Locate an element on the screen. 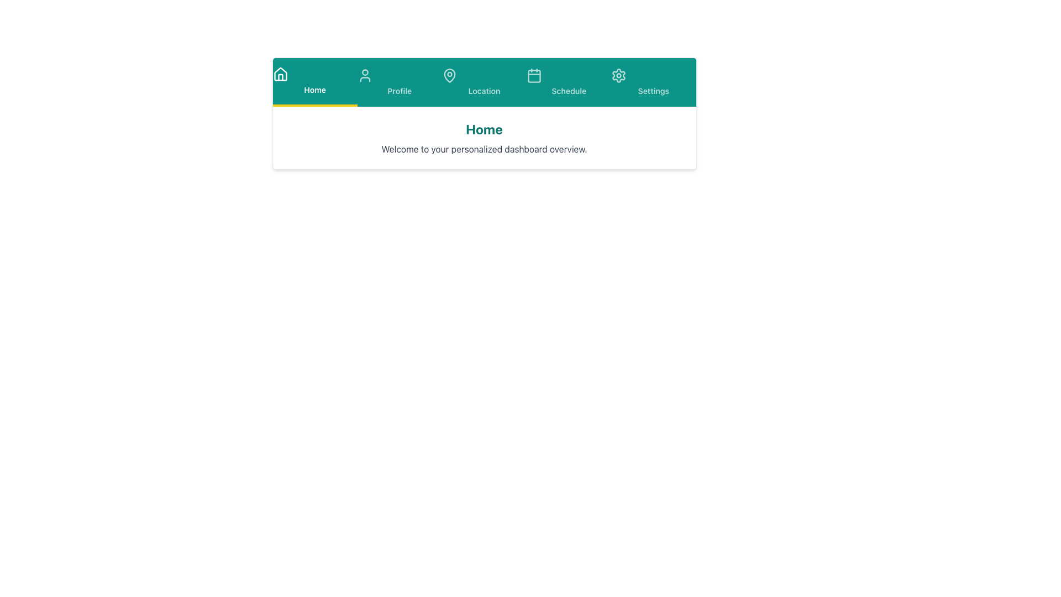 Image resolution: width=1061 pixels, height=597 pixels. the text element that reads 'Welcome to your personalized dashboard overview.' which is styled with a gray font color and positioned below the 'Home' heading is located at coordinates (484, 149).